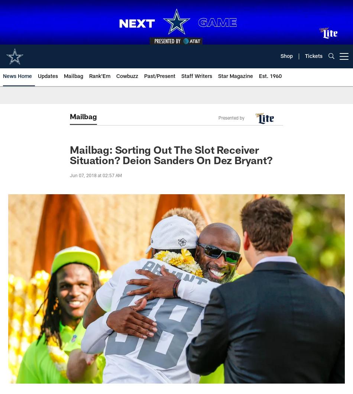  What do you see at coordinates (259, 76) in the screenshot?
I see `'Est. 1960'` at bounding box center [259, 76].